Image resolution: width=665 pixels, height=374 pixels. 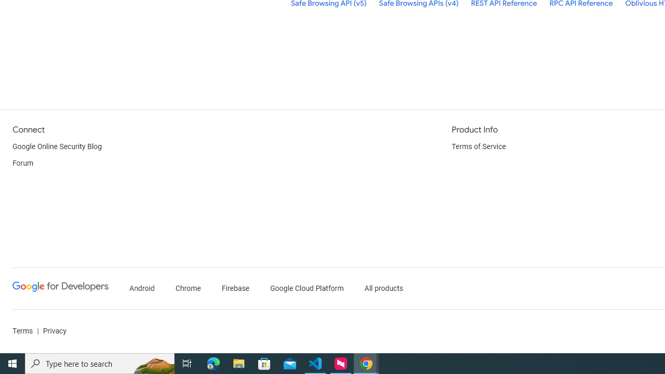 What do you see at coordinates (383, 288) in the screenshot?
I see `'All products'` at bounding box center [383, 288].